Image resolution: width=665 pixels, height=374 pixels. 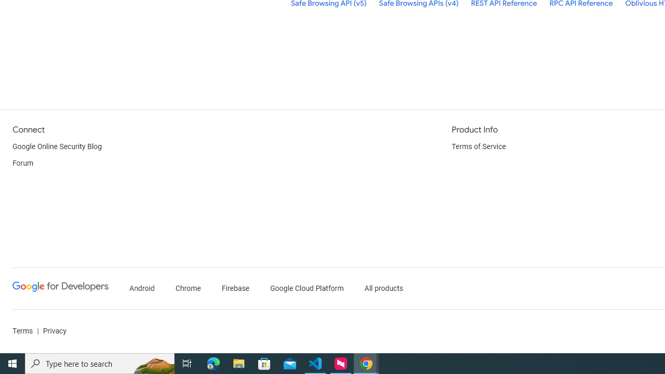 What do you see at coordinates (383, 288) in the screenshot?
I see `'All products'` at bounding box center [383, 288].